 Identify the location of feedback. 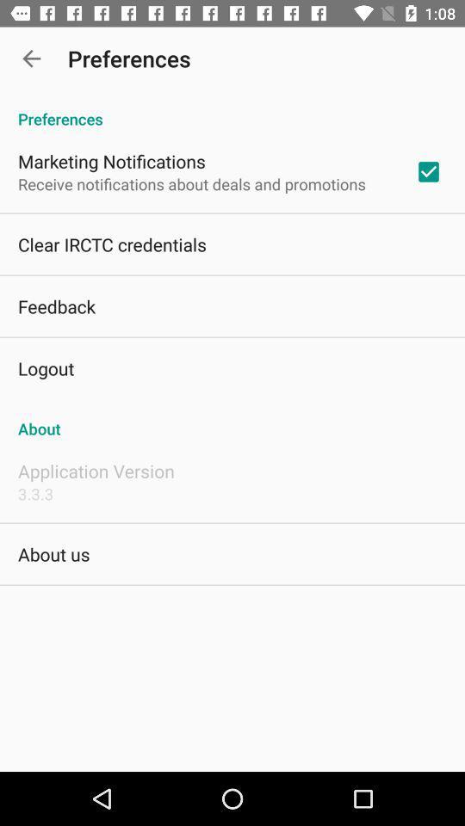
(56, 306).